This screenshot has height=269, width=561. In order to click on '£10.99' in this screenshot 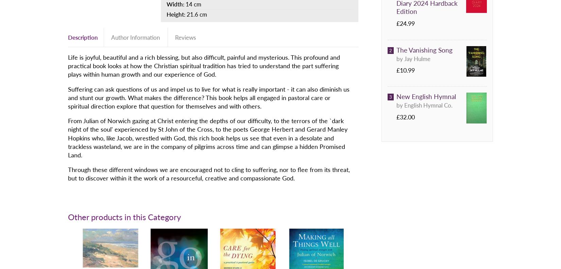, I will do `click(405, 69)`.